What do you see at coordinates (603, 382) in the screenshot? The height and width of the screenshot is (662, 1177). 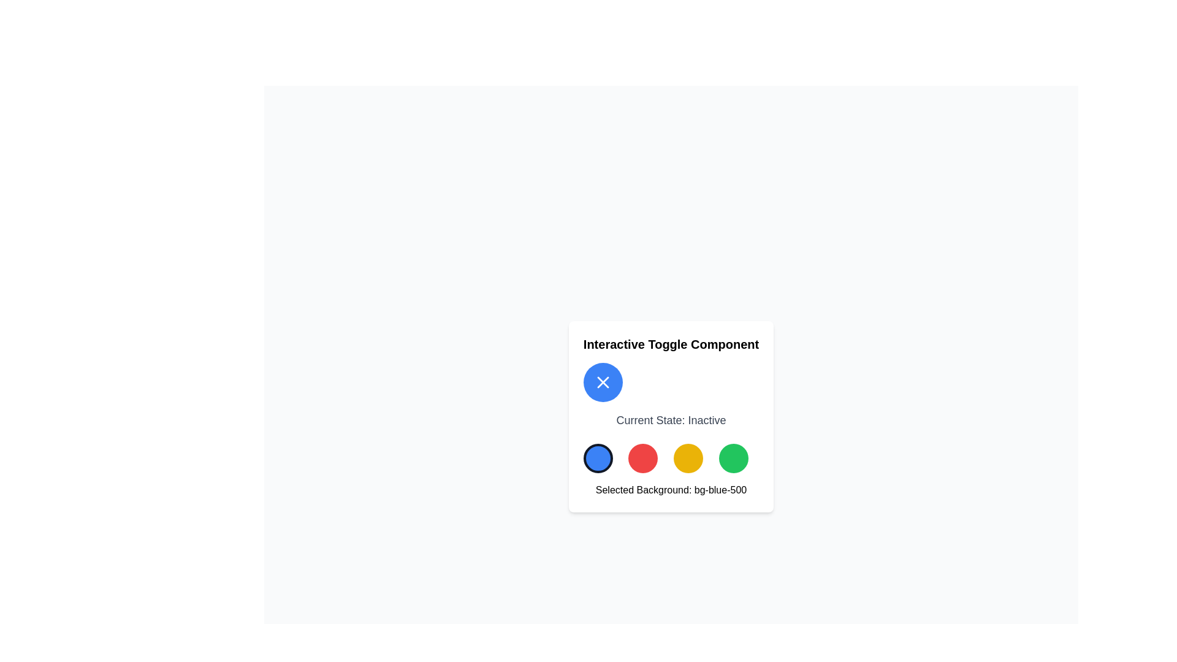 I see `the white 'X' icon on the blue circular background` at bounding box center [603, 382].